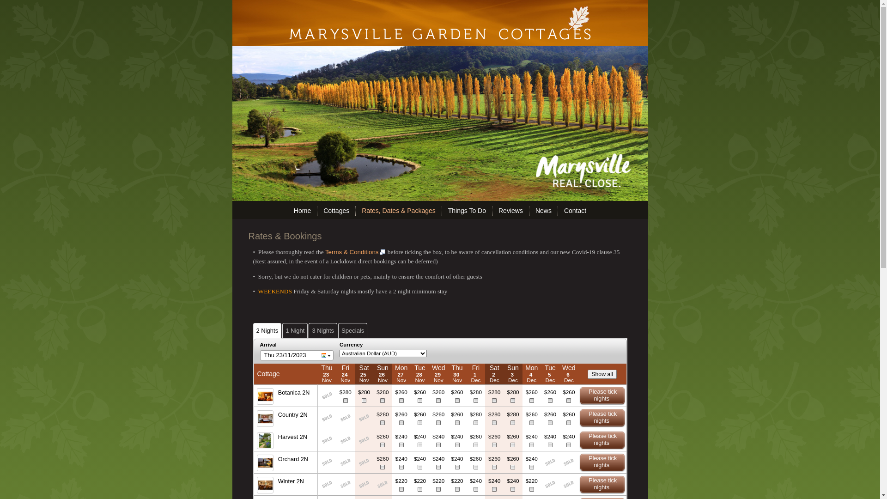 This screenshot has height=499, width=887. I want to click on '1 Night', so click(294, 330).